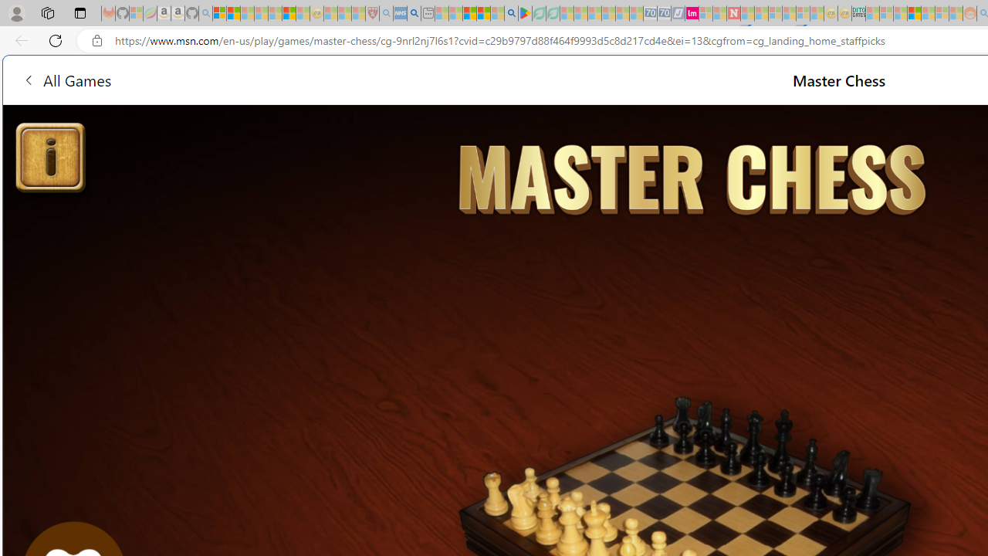 The image size is (988, 556). I want to click on 'Expert Portfolios', so click(914, 13).